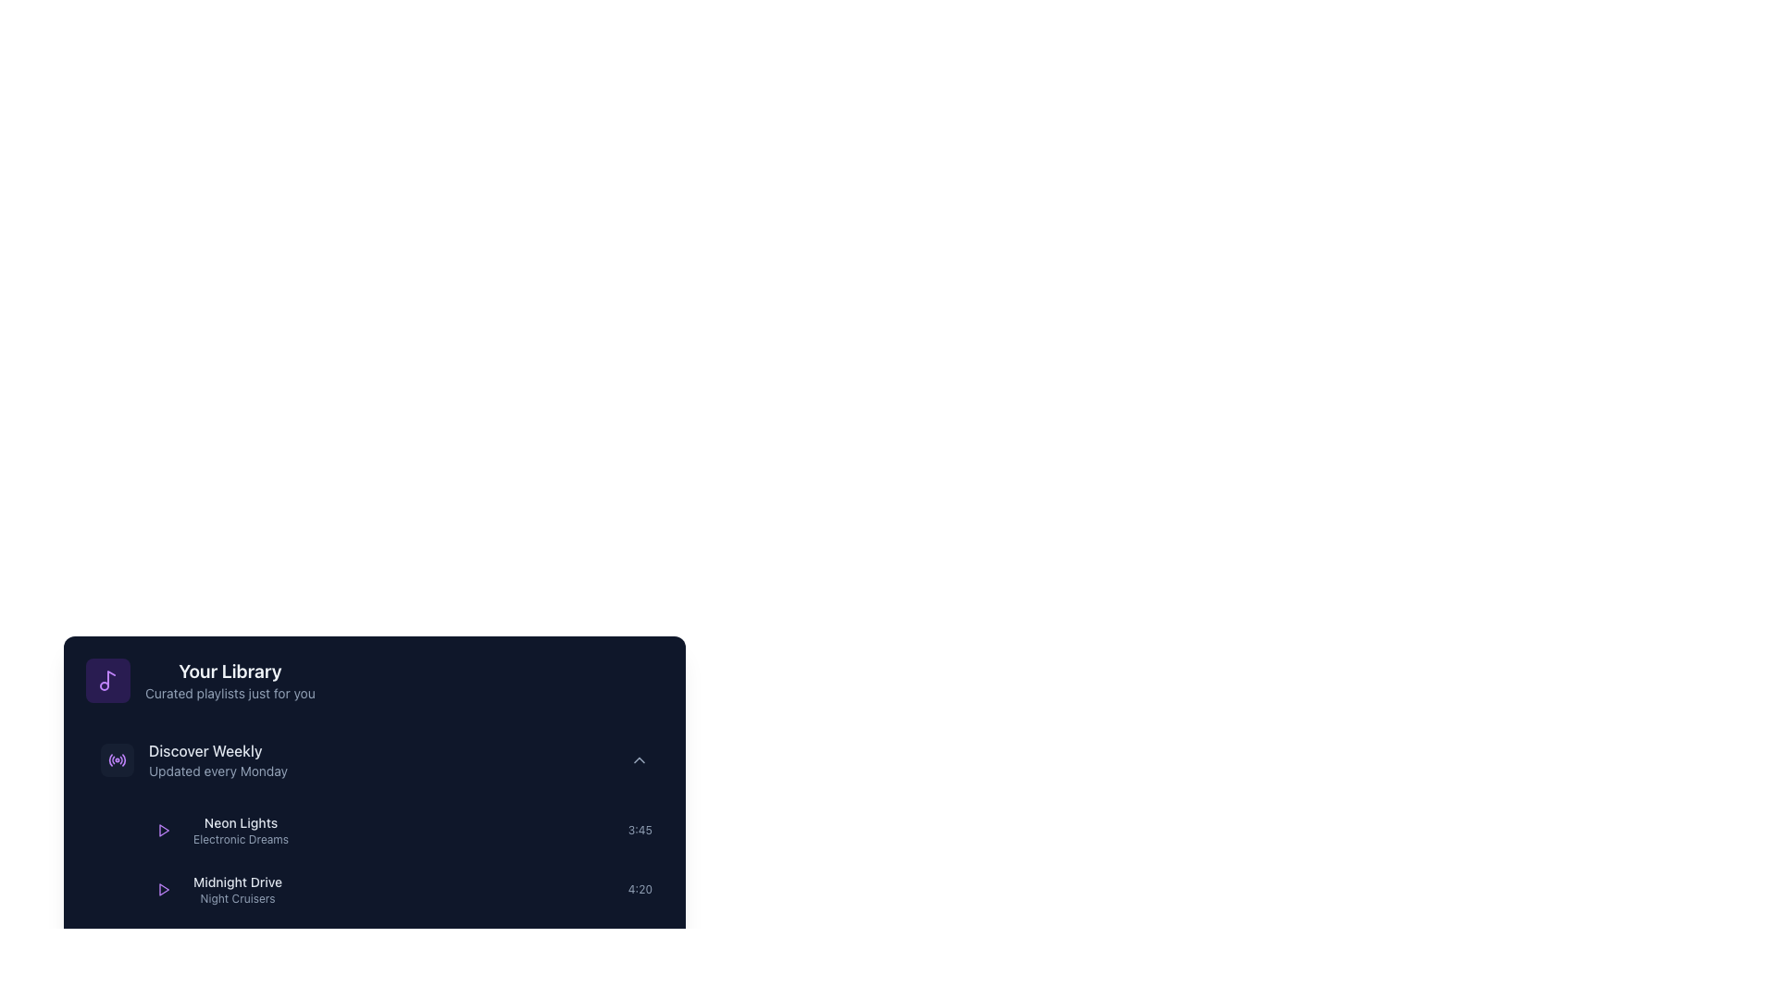 The height and width of the screenshot is (999, 1777). I want to click on the Text block with title and description, which serves as a label for a playlist located in the top left area of the playlist section under 'Your Library', so click(218, 759).